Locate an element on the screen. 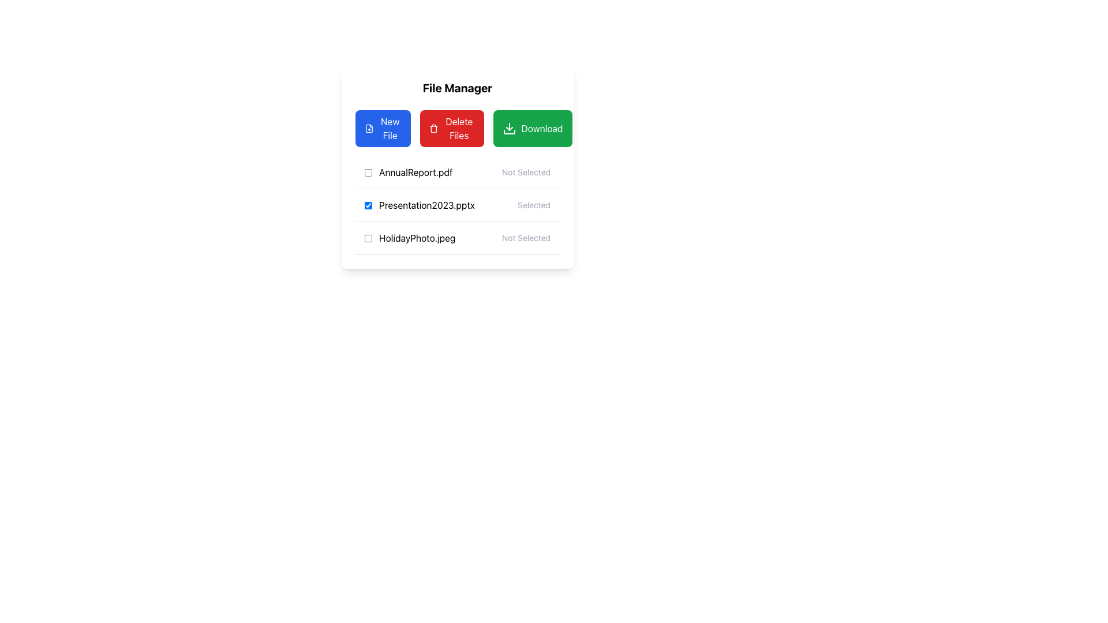  the download icon located within the 'Download' button in the top-right corner of the 'File Manager' panel to initiate the download action is located at coordinates (509, 129).